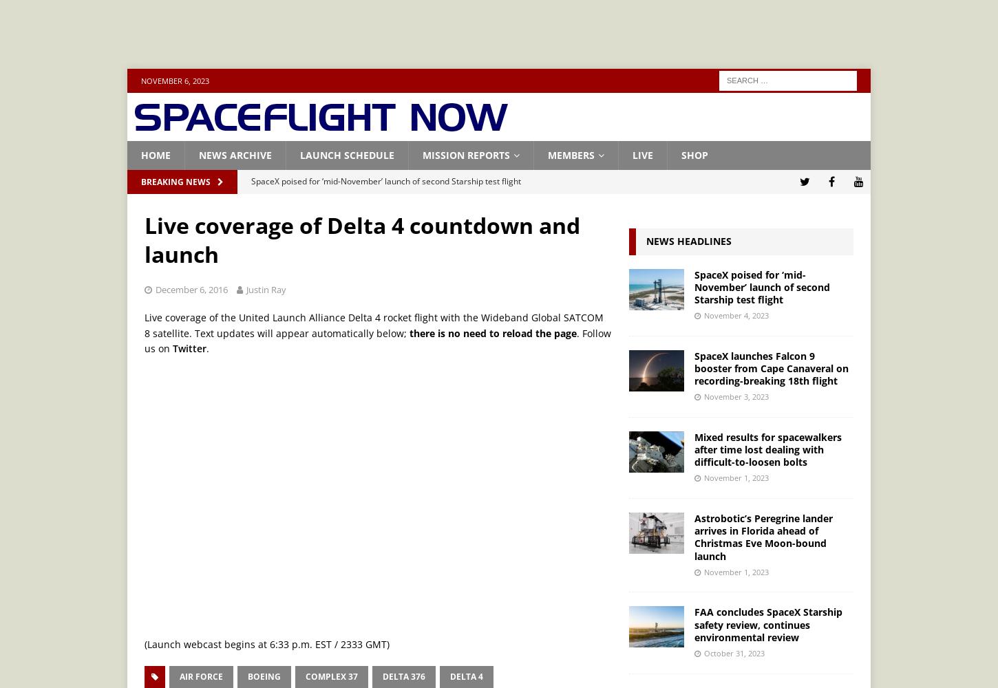  Describe the element at coordinates (266, 643) in the screenshot. I see `'(Launch webcast begins at 6:33 p.m. EST / 2333 GMT)'` at that location.